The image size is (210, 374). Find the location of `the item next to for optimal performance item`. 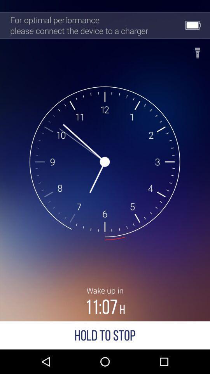

the item next to for optimal performance item is located at coordinates (198, 50).